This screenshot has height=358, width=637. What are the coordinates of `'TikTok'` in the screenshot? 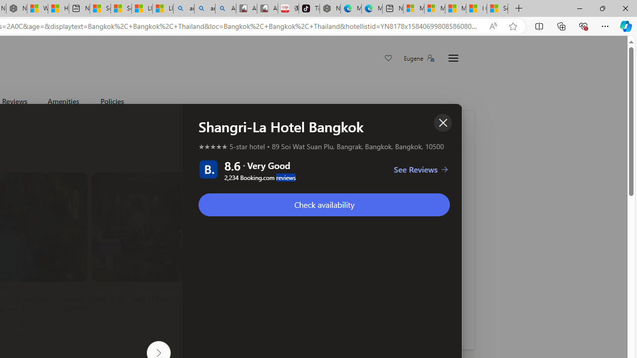 It's located at (309, 8).